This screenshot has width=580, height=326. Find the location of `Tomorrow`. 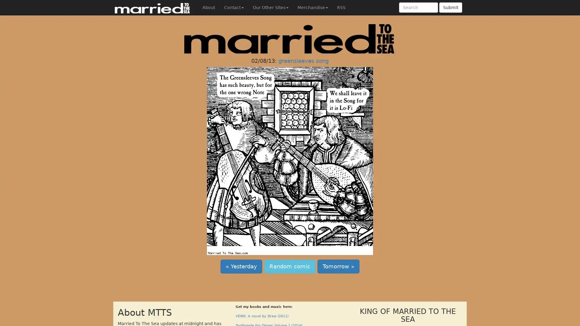

Tomorrow is located at coordinates (338, 266).